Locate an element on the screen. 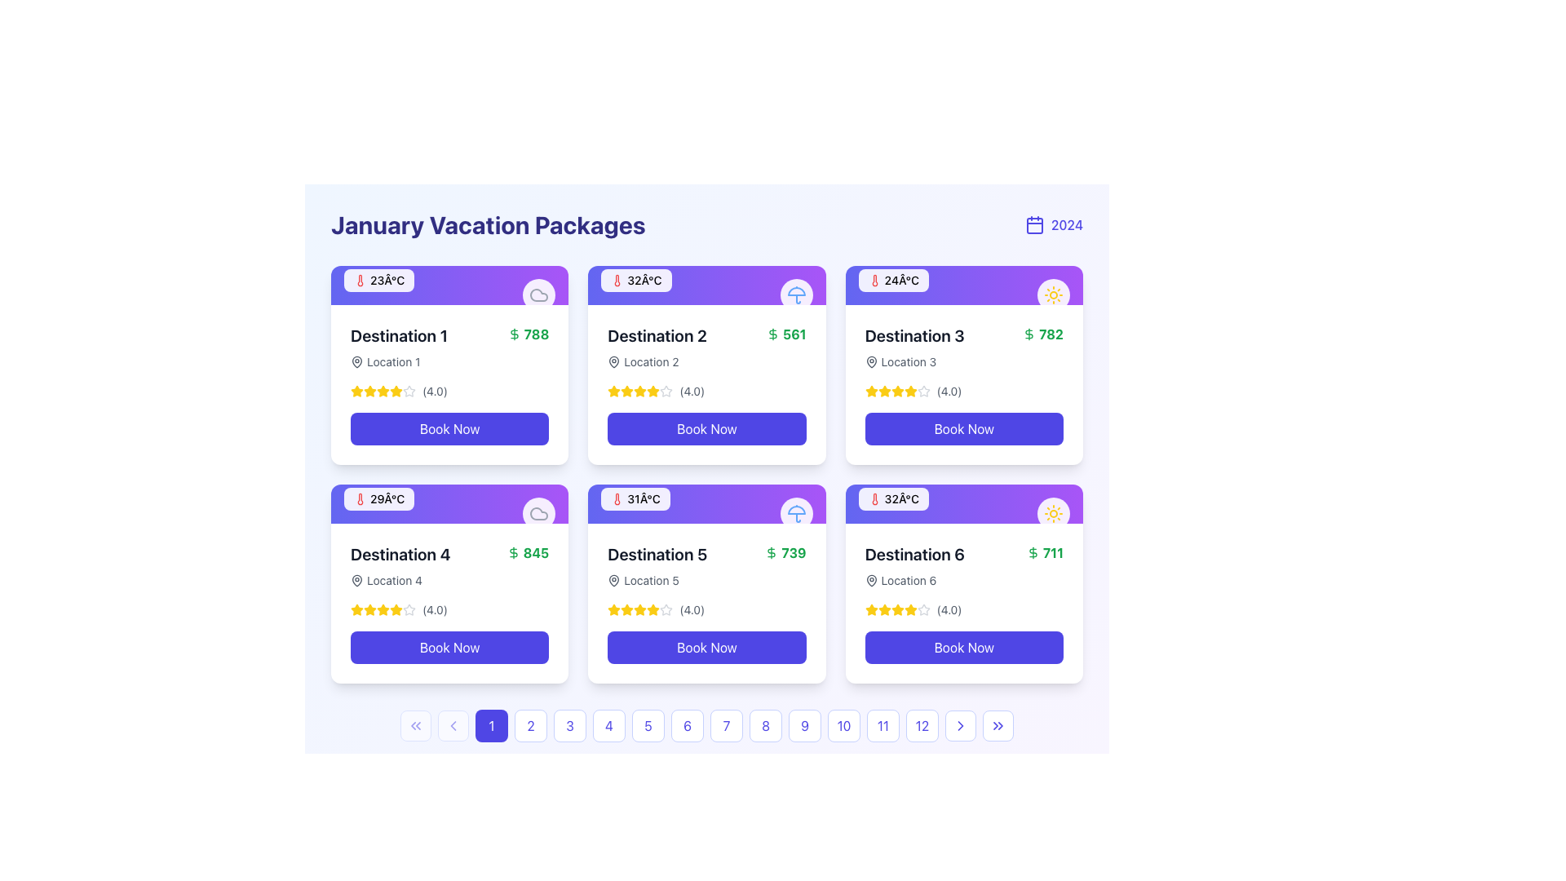 The width and height of the screenshot is (1566, 881). the location marker icon associated with 'Location 6' situated in the bottom-right corner of the display, preceding the text 'Location 6' within the 'Destination 6' label is located at coordinates (870, 580).